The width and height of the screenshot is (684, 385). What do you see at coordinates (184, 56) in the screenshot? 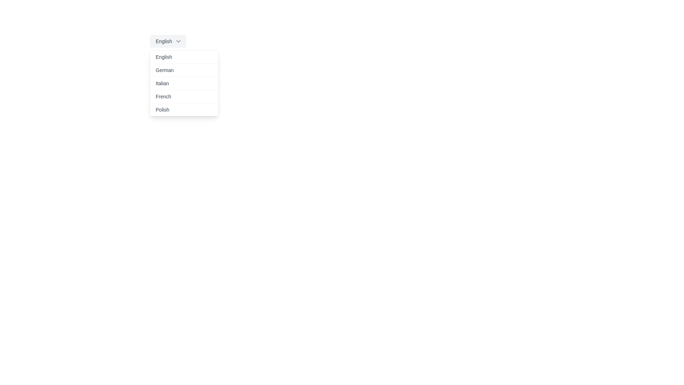
I see `the 'English' button in the dropdown menu` at bounding box center [184, 56].